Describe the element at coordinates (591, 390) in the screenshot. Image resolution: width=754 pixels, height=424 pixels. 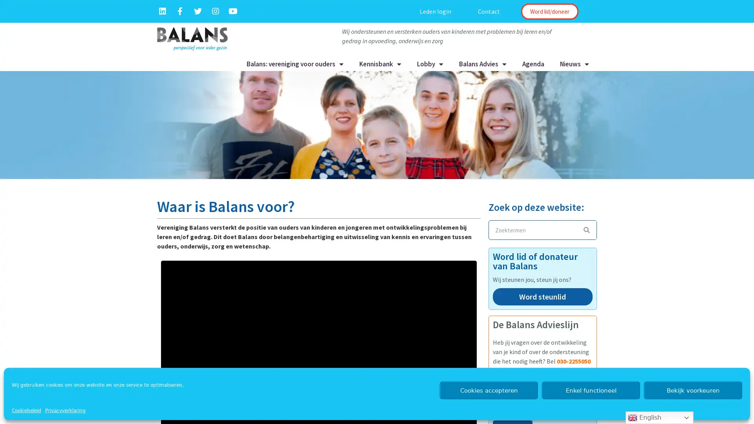
I see `Only functional` at that location.